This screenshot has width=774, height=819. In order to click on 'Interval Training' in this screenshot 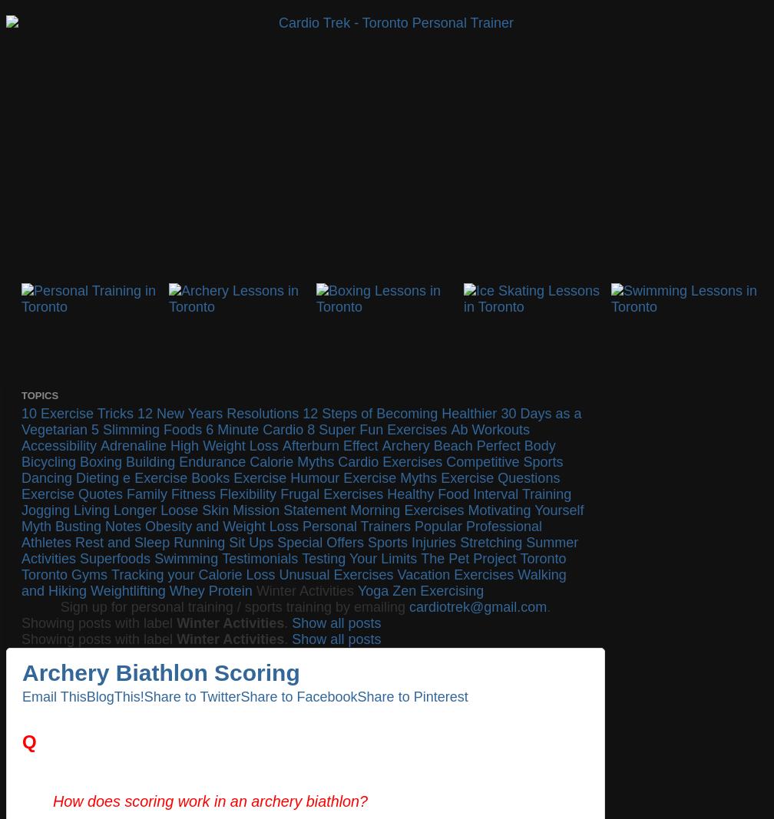, I will do `click(521, 494)`.